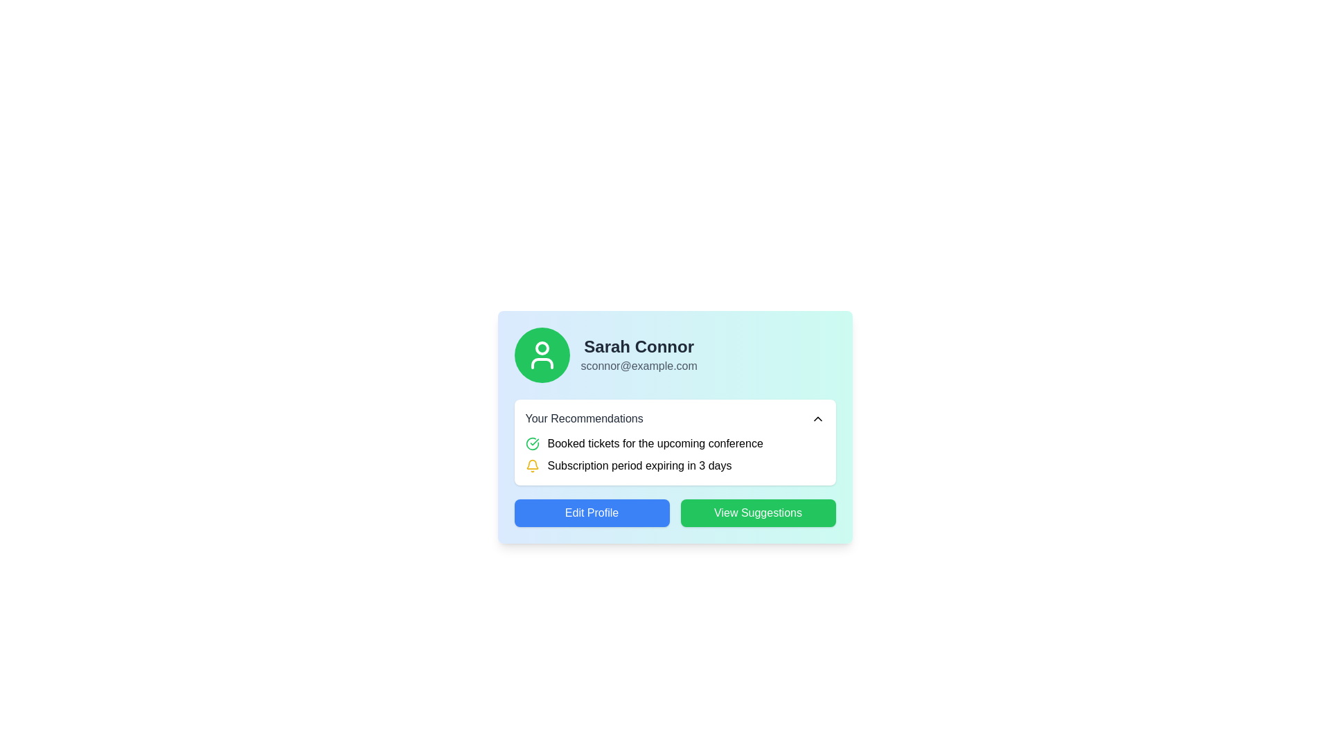 The width and height of the screenshot is (1330, 748). Describe the element at coordinates (675, 443) in the screenshot. I see `the text label that states 'Booked tickets for the upcoming conference', which is visually grouped with a green circular checkmark, to interact with the notification` at that location.